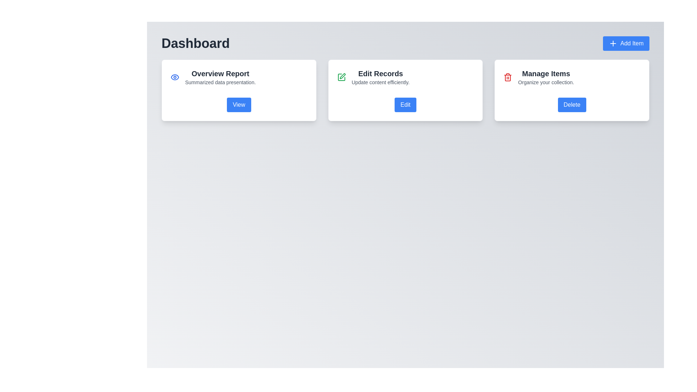 The width and height of the screenshot is (697, 392). Describe the element at coordinates (380, 82) in the screenshot. I see `the descriptive text label that provides information about the 'Edit Records' feature, positioned below the 'Edit Records' title and above the 'Edit' button` at that location.